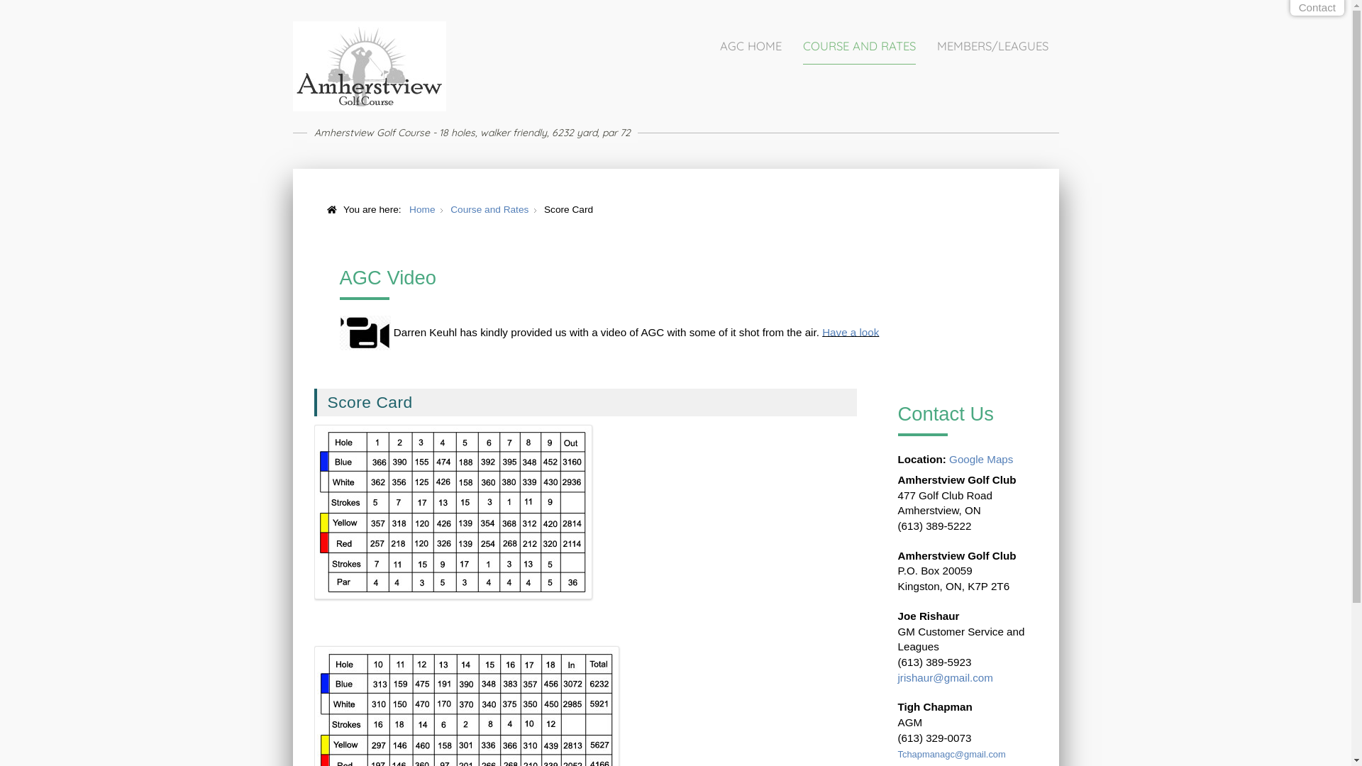 Image resolution: width=1362 pixels, height=766 pixels. I want to click on 'AGC HOME', so click(749, 45).